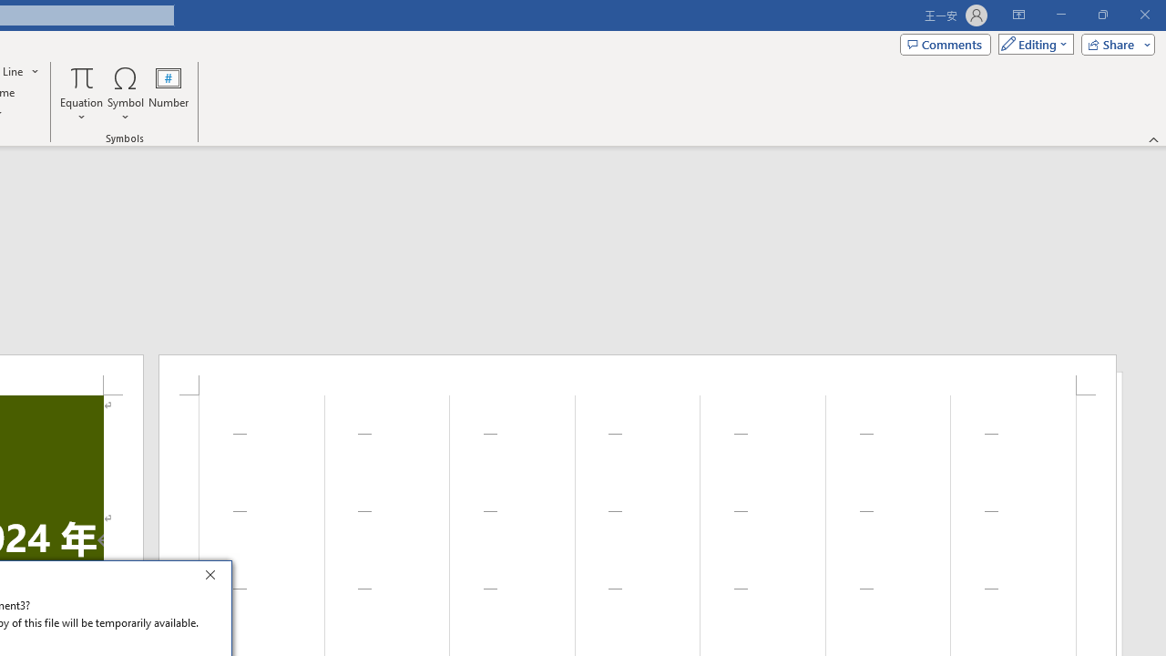  Describe the element at coordinates (81, 77) in the screenshot. I see `'Equation'` at that location.